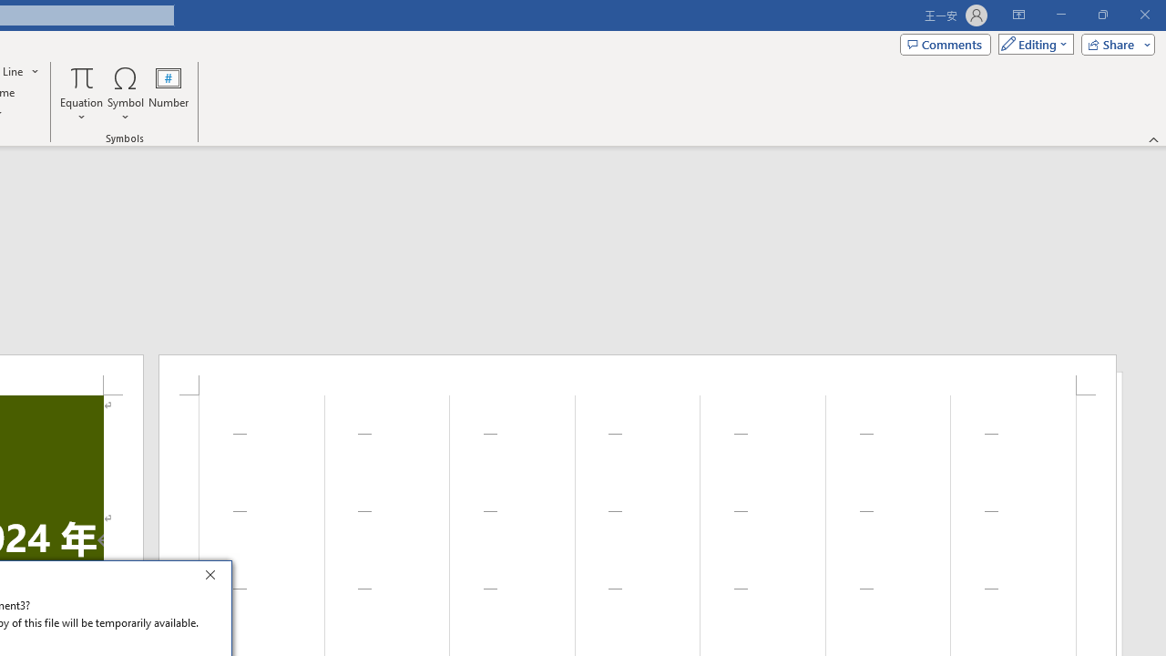  Describe the element at coordinates (81, 77) in the screenshot. I see `'Equation'` at that location.